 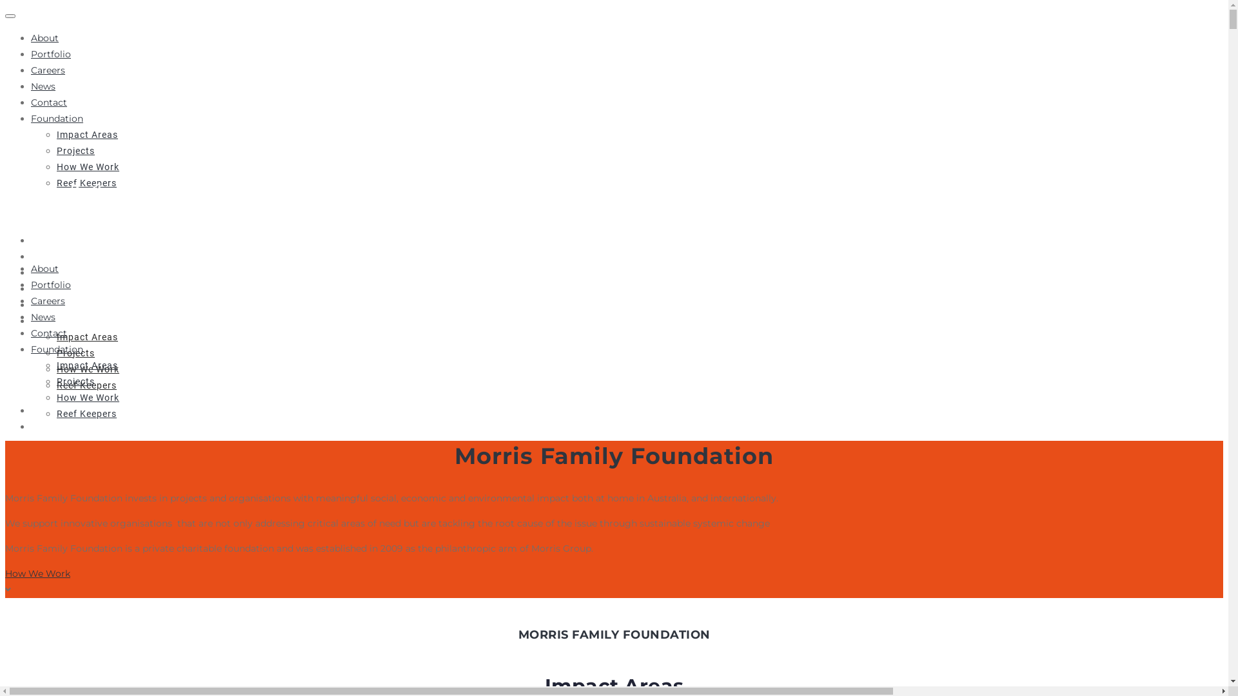 I want to click on 'How We Work', so click(x=37, y=573).